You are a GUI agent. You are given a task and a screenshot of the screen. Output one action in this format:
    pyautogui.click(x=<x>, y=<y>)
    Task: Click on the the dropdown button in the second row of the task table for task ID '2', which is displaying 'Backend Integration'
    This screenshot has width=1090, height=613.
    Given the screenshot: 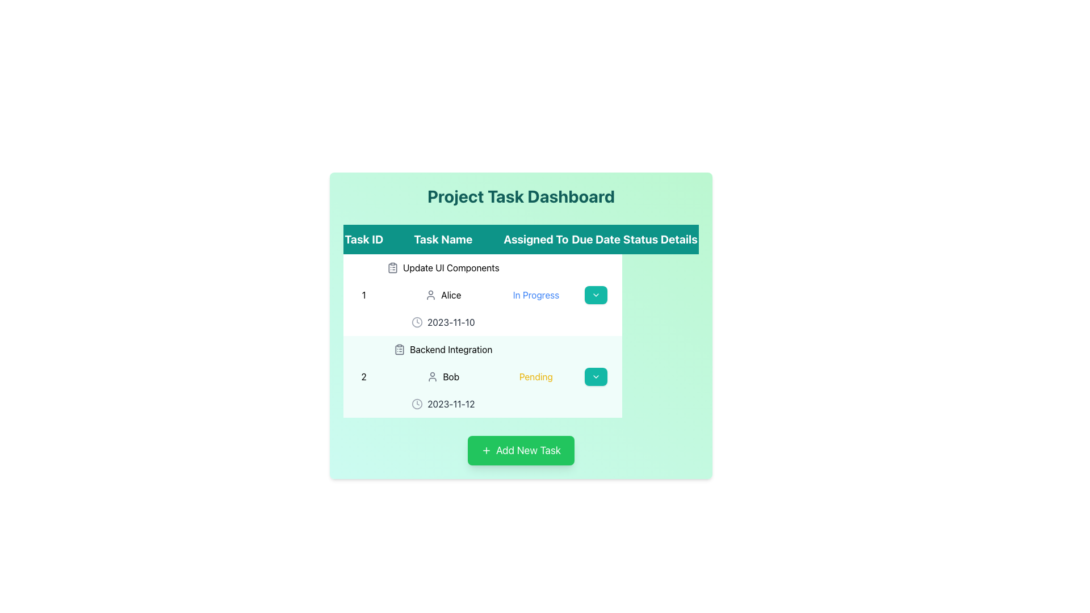 What is the action you would take?
    pyautogui.click(x=520, y=335)
    